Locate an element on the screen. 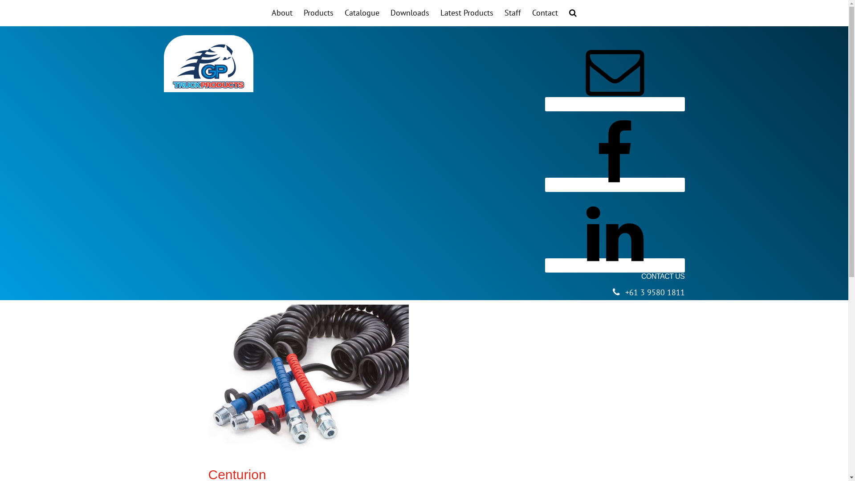 This screenshot has height=481, width=855. 'Catalogue' is located at coordinates (362, 13).